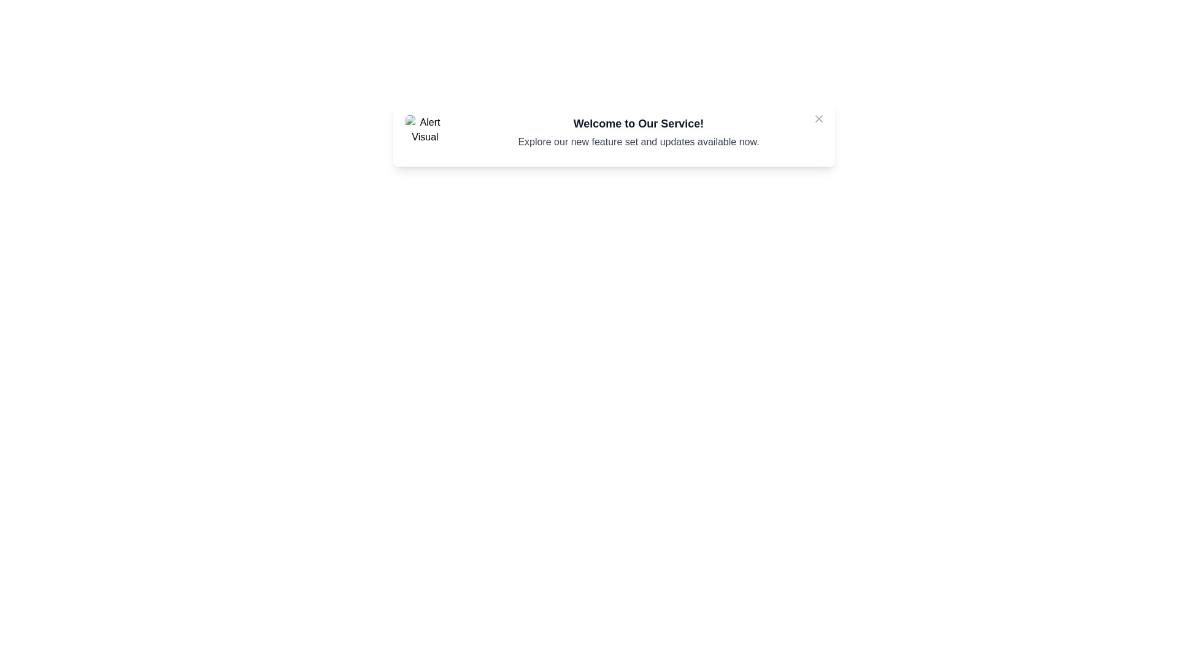  I want to click on the close icon to close the alert panel, so click(818, 118).